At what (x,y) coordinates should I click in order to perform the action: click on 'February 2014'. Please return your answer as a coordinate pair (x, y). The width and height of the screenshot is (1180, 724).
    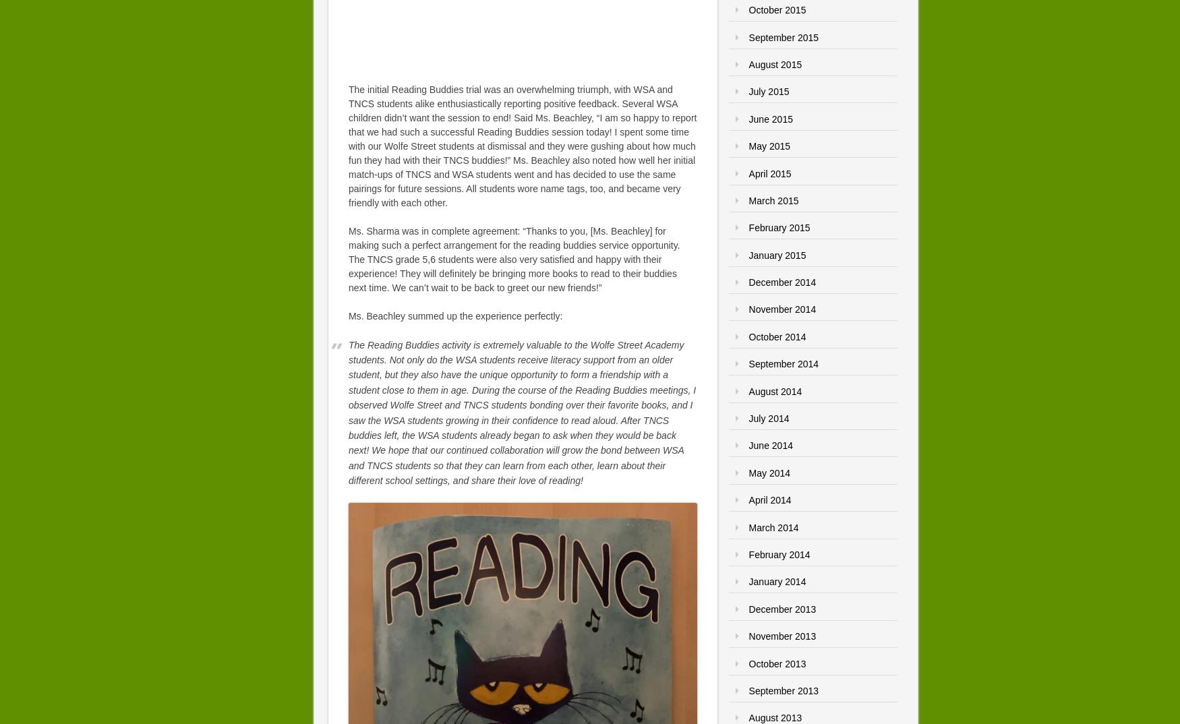
    Looking at the image, I should click on (778, 554).